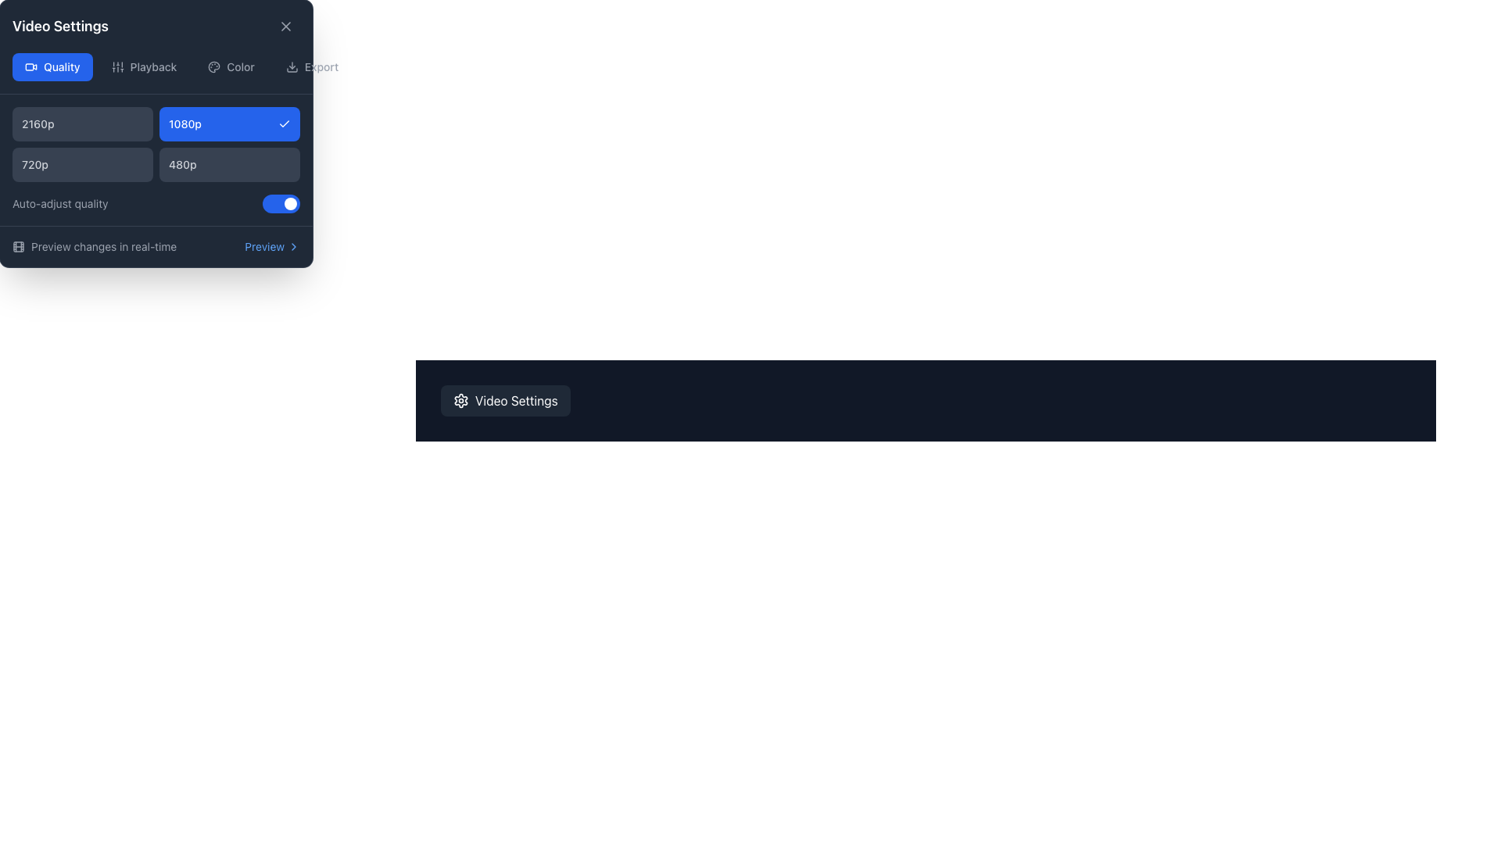  What do you see at coordinates (460, 399) in the screenshot?
I see `the iconic decorative stroke element that visually represents the settings gear icon, enhancing its appearance` at bounding box center [460, 399].